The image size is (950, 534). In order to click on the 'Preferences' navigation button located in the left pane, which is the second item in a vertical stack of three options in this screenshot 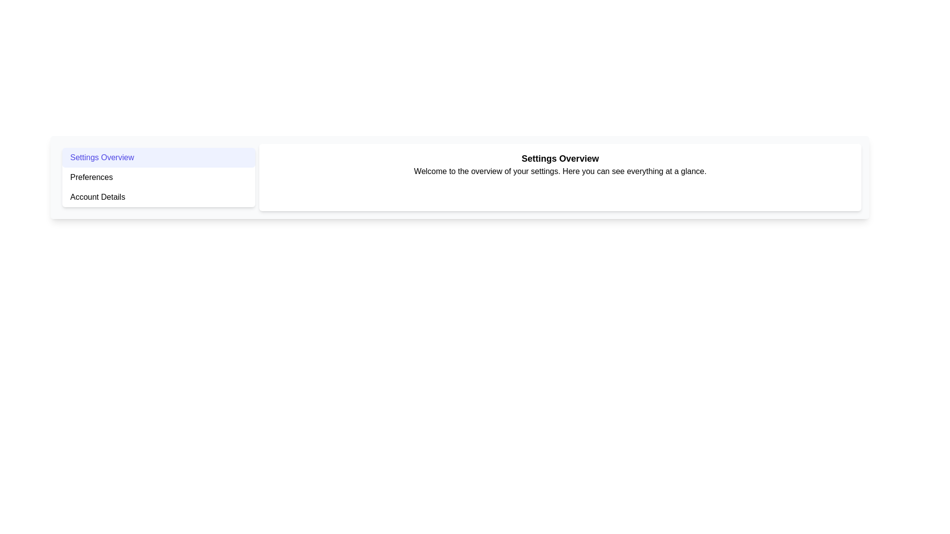, I will do `click(158, 177)`.